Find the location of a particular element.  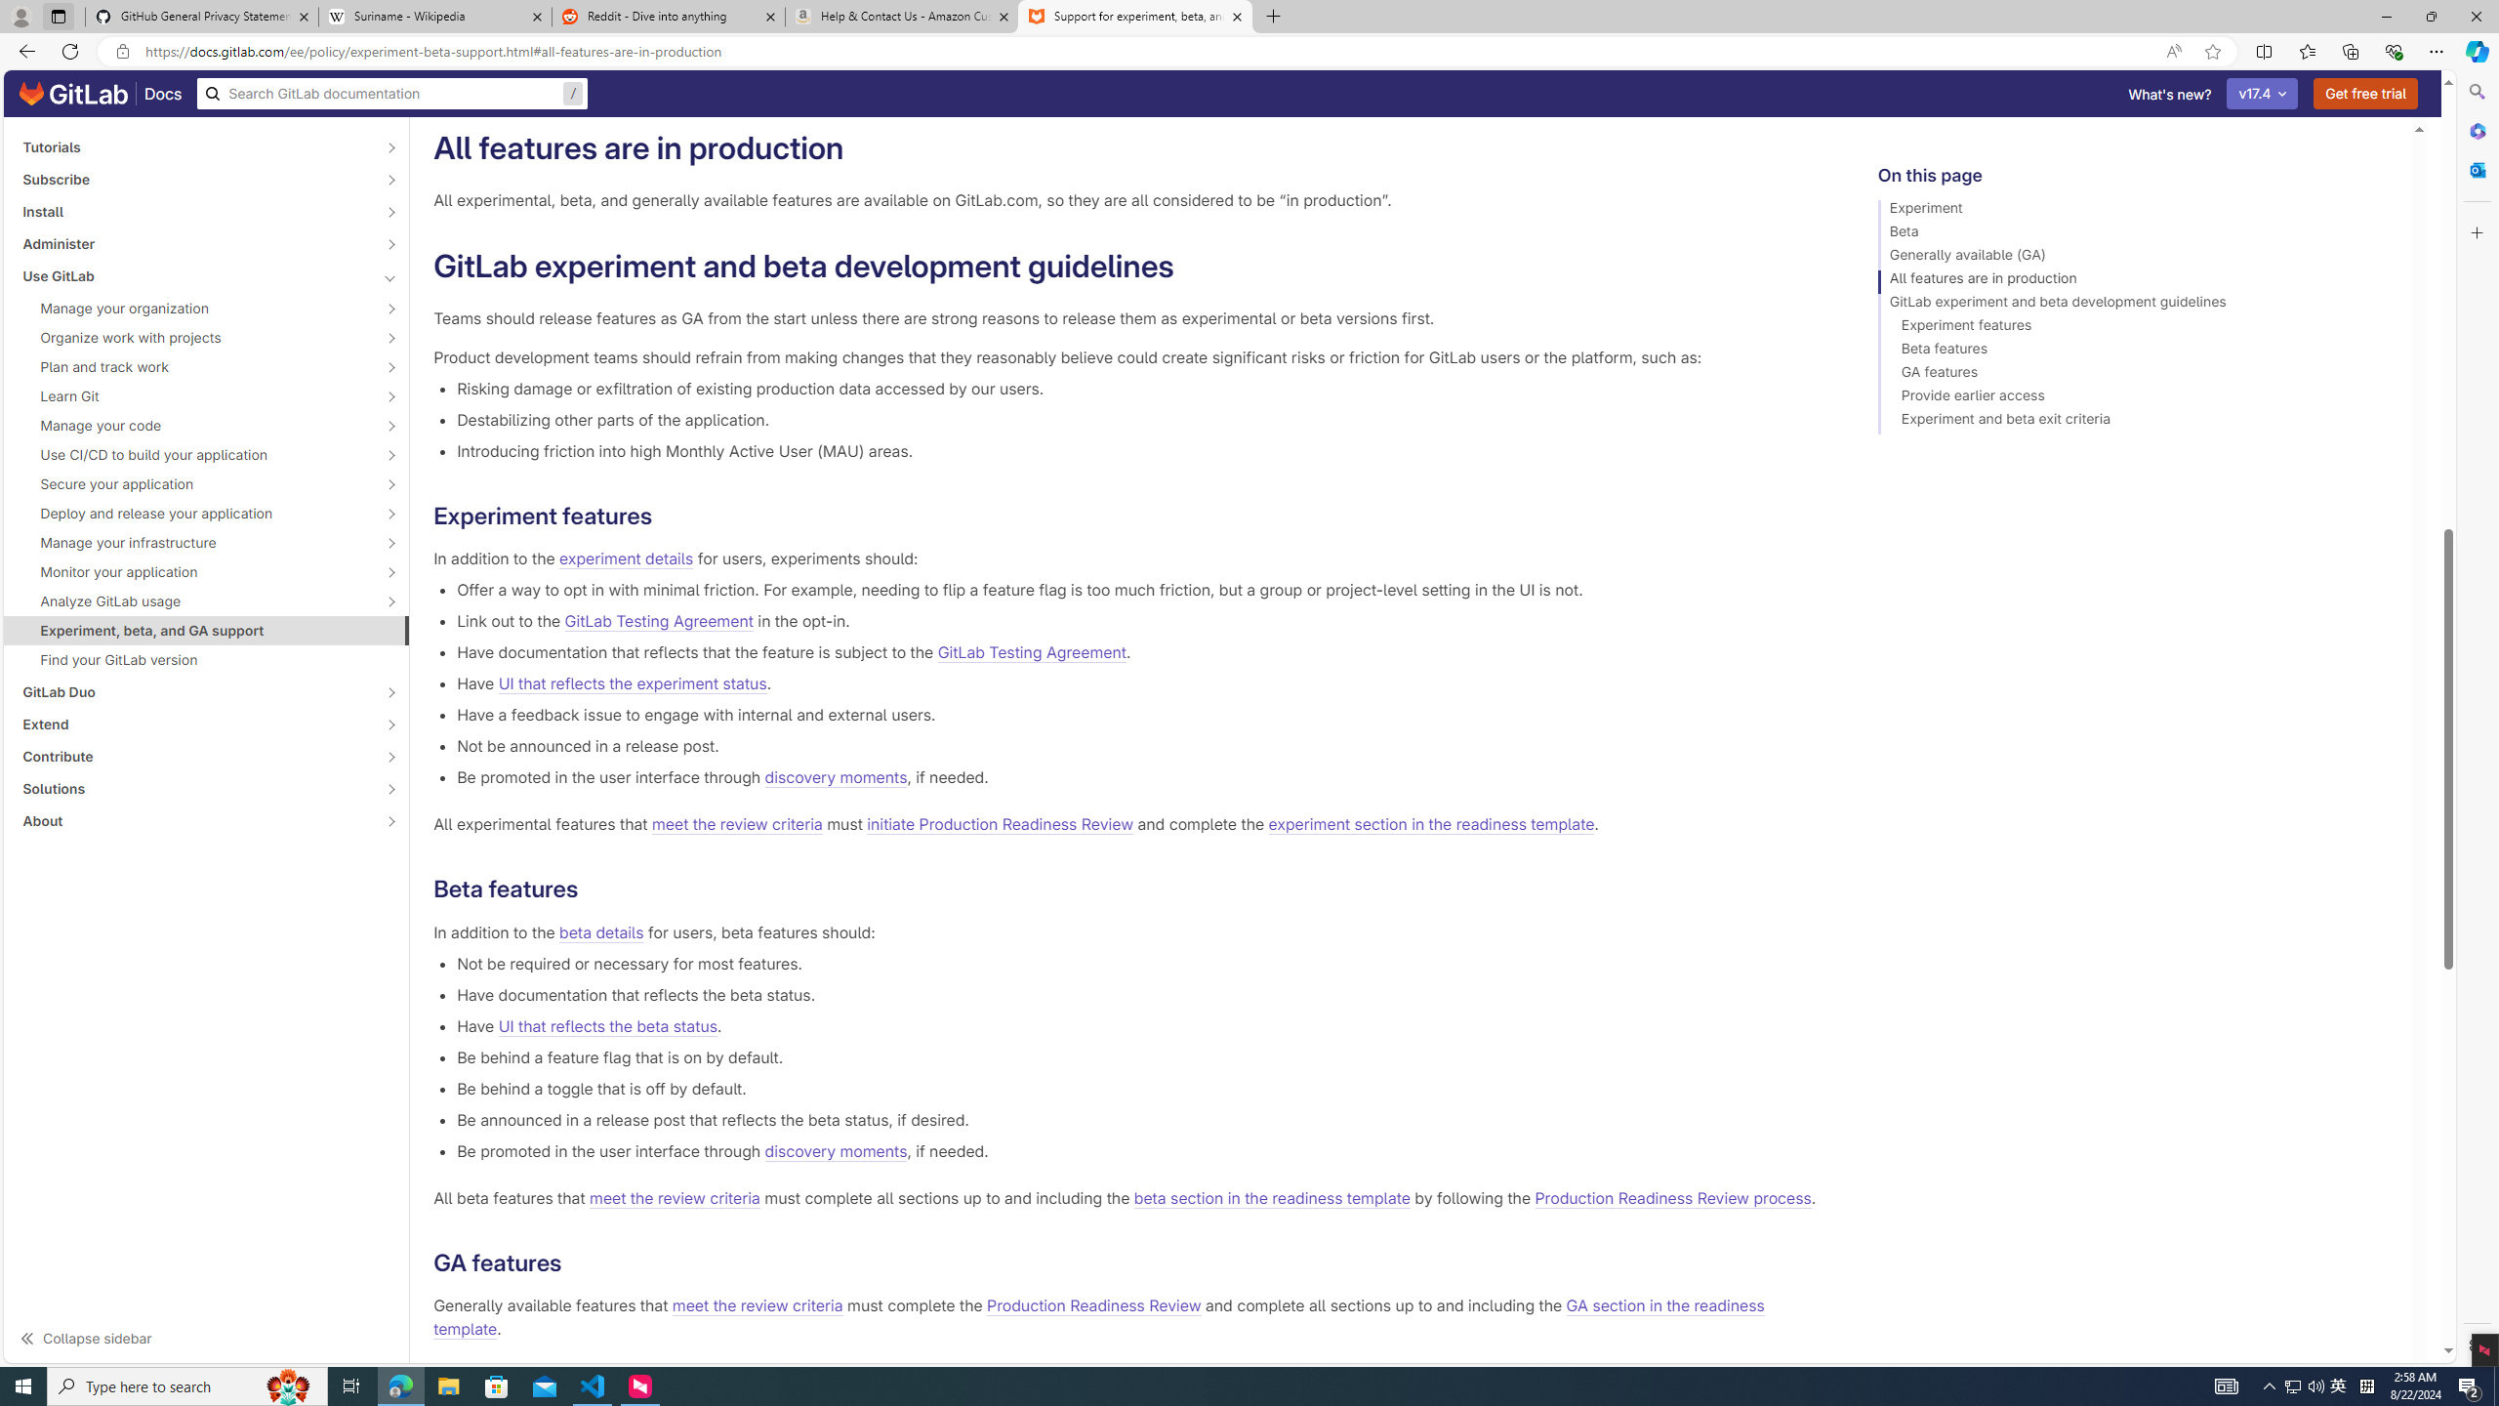

'Get free trial' is located at coordinates (2366, 93).